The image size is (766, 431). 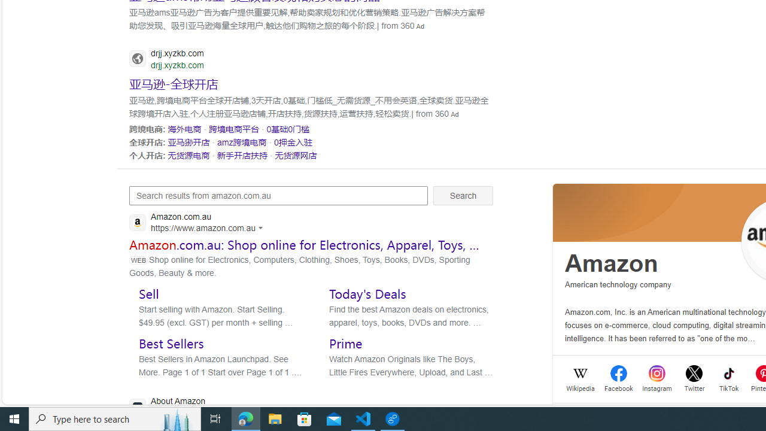 What do you see at coordinates (463, 195) in the screenshot?
I see `'Search'` at bounding box center [463, 195].